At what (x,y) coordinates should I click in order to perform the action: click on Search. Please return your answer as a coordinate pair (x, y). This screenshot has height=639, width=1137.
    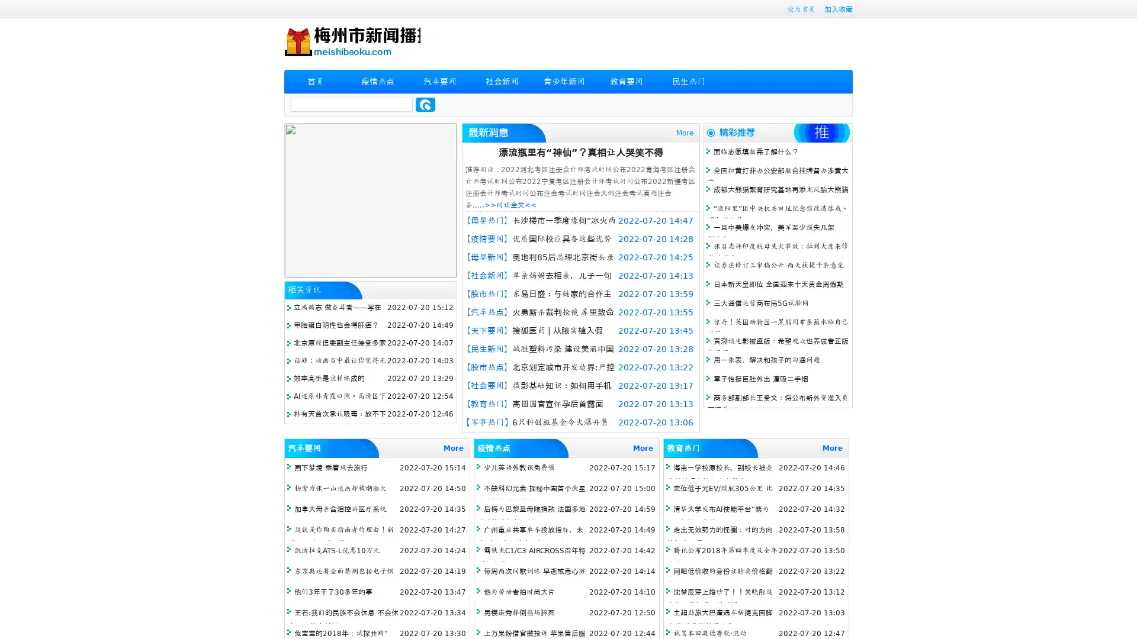
    Looking at the image, I should click on (425, 104).